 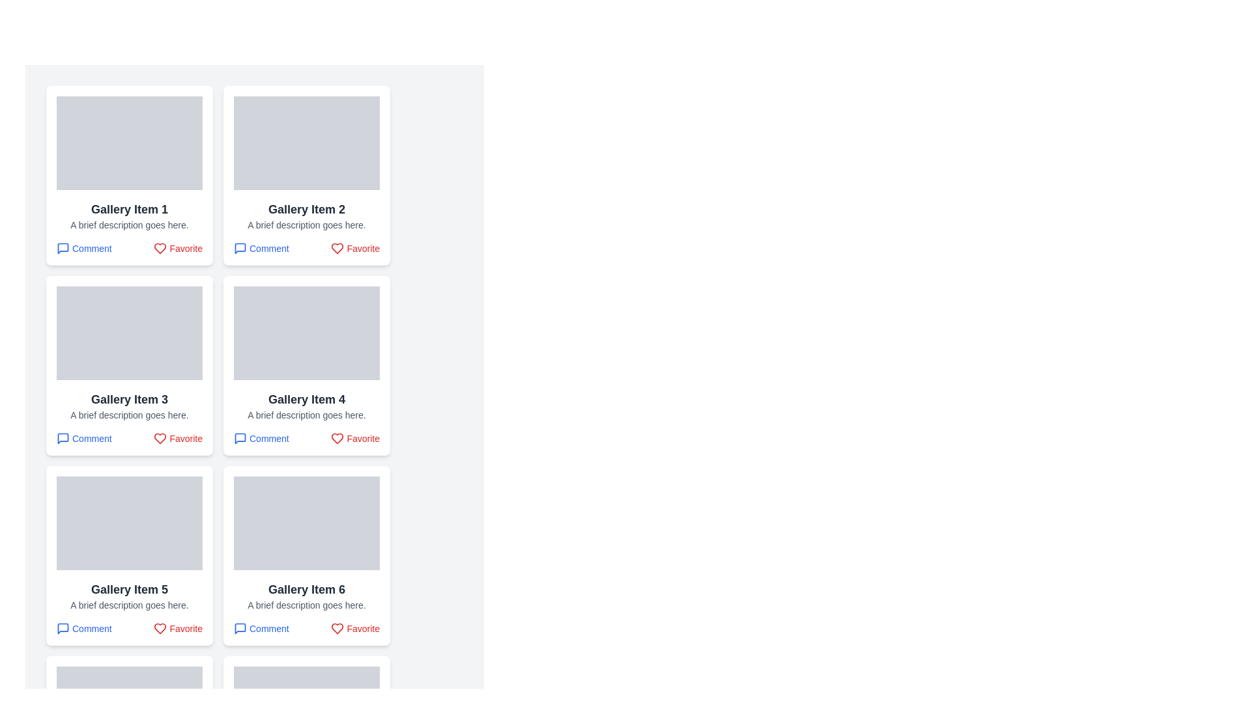 I want to click on the 'Comment' link, which is styled in blue and located on the left side of the combination of hyperlink elements within the 'Gallery Item 2' card, so click(x=306, y=248).